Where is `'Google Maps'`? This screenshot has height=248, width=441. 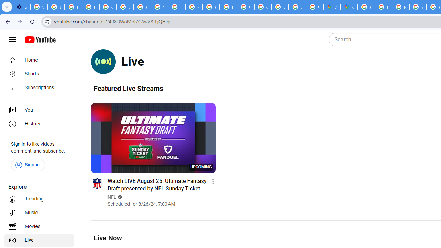
'Google Maps' is located at coordinates (349, 7).